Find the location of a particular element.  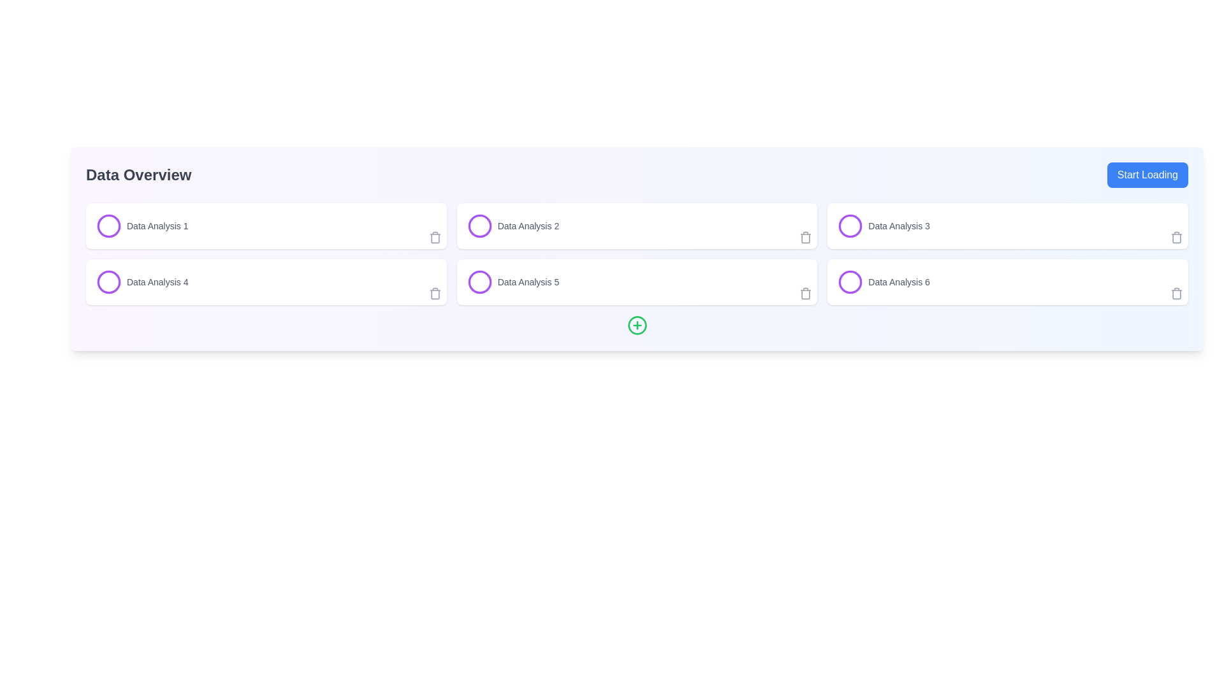

the 'Data Analysis 6' card in the bottom-right corner of the 'Data Overview' grid is located at coordinates (1007, 282).